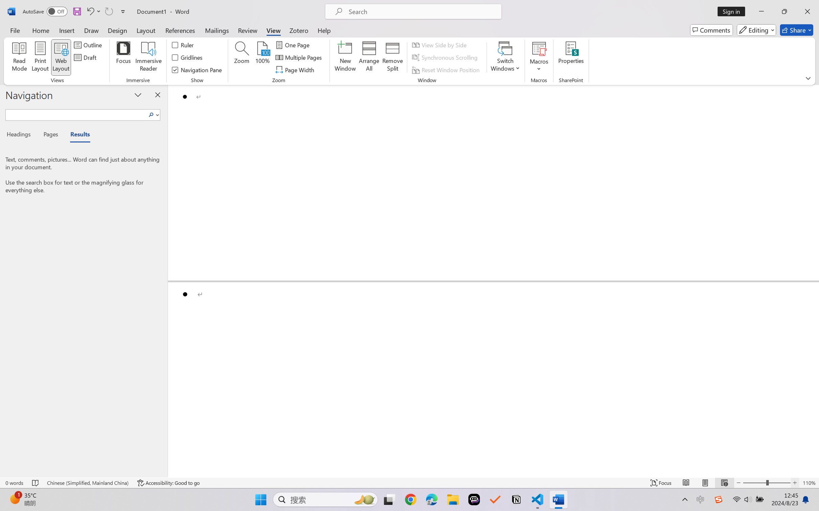  What do you see at coordinates (90, 11) in the screenshot?
I see `'Undo Bullet Default'` at bounding box center [90, 11].